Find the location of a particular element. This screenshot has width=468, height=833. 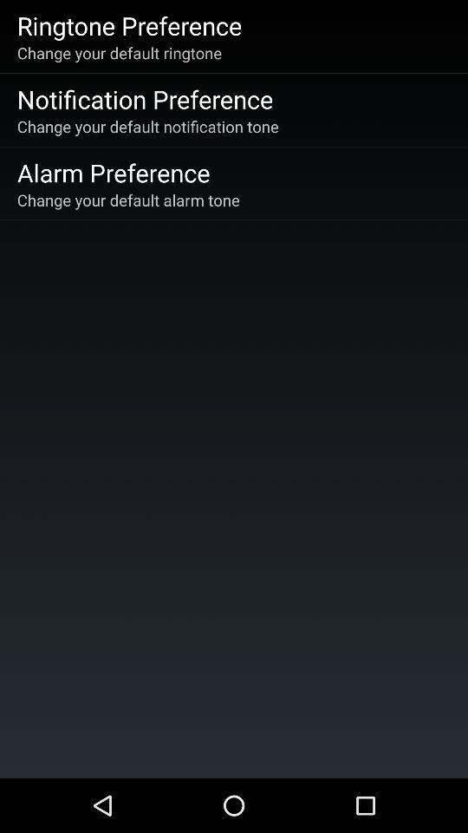

icon above change your default icon is located at coordinates (114, 172).